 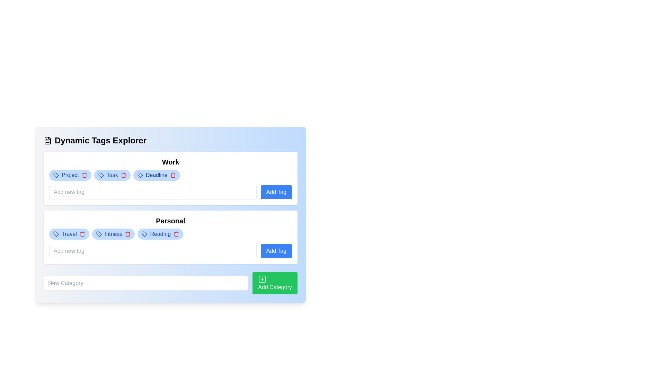 What do you see at coordinates (276, 192) in the screenshot?
I see `the 'Add Tag' button, which is a rectangular button with a blue background and white text, located under the 'Work' heading` at bounding box center [276, 192].